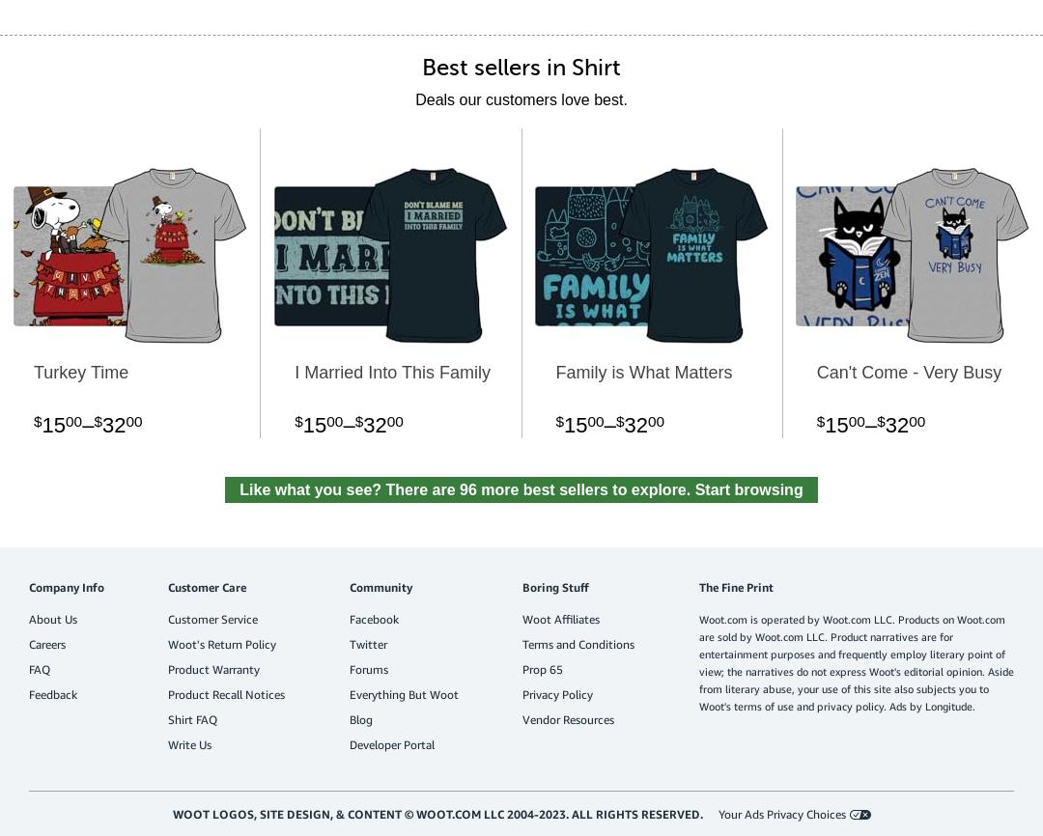  Describe the element at coordinates (555, 586) in the screenshot. I see `'Boring Stuff'` at that location.